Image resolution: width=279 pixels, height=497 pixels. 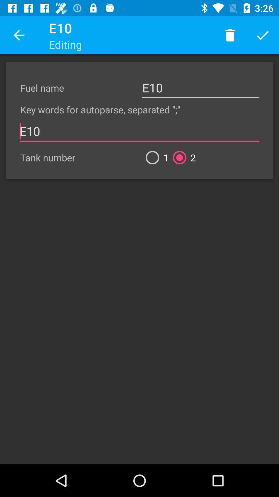 I want to click on item next to e10, so click(x=19, y=35).